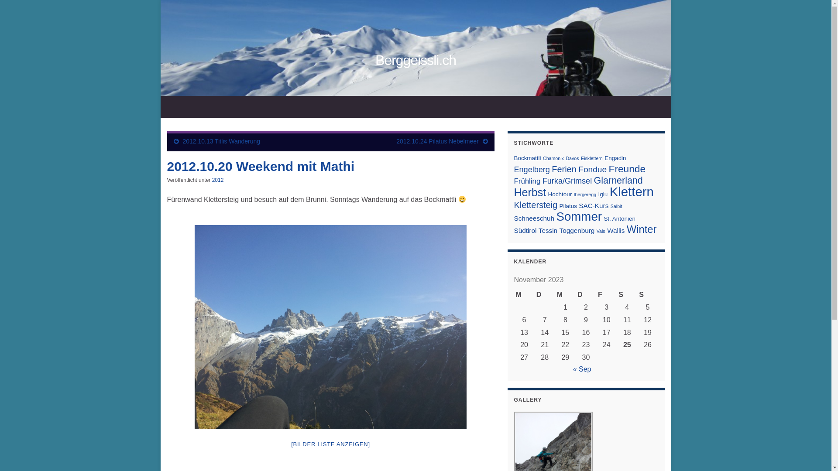 The width and height of the screenshot is (838, 471). What do you see at coordinates (553, 158) in the screenshot?
I see `'Chamonix'` at bounding box center [553, 158].